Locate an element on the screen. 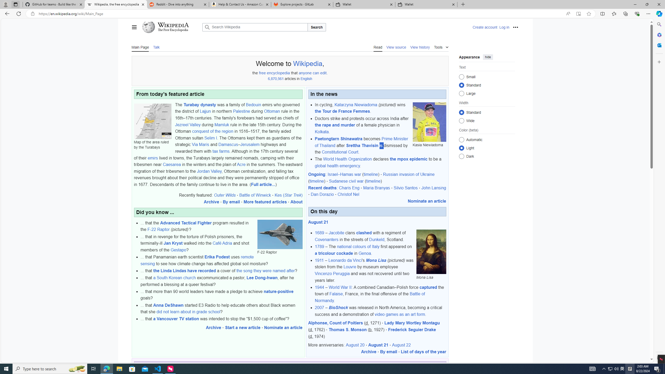  'Wikipedia, the free encyclopedia' is located at coordinates (115, 4).